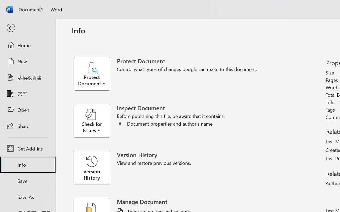  What do you see at coordinates (27, 28) in the screenshot?
I see `'Back'` at bounding box center [27, 28].